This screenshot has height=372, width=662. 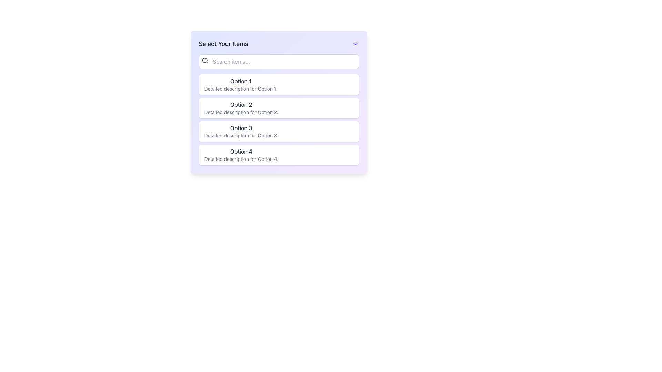 What do you see at coordinates (241, 112) in the screenshot?
I see `the detailed description text that provides additional information related to 'Option 2' in the list` at bounding box center [241, 112].